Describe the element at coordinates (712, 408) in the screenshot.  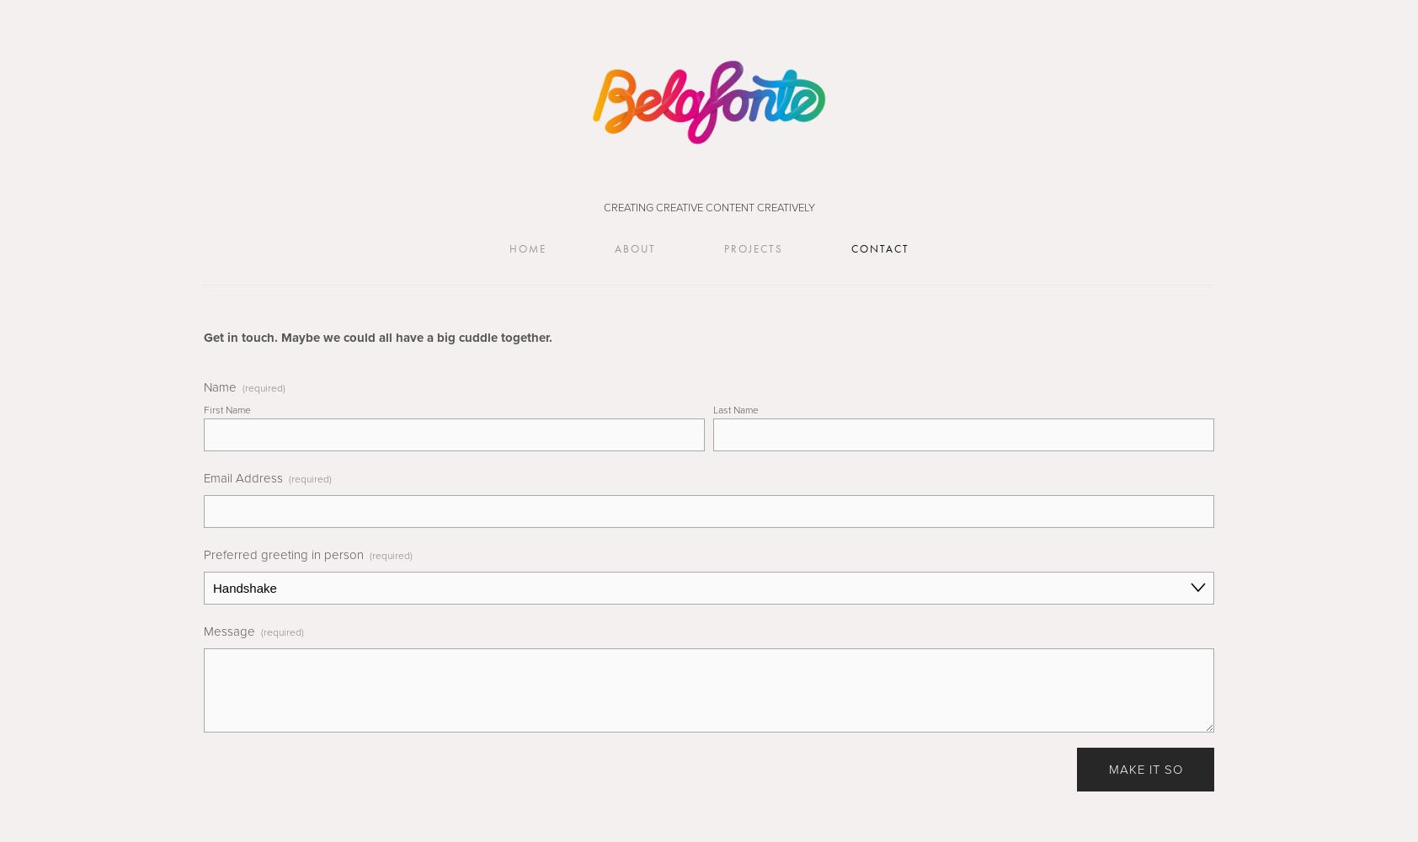
I see `'Last Name'` at that location.